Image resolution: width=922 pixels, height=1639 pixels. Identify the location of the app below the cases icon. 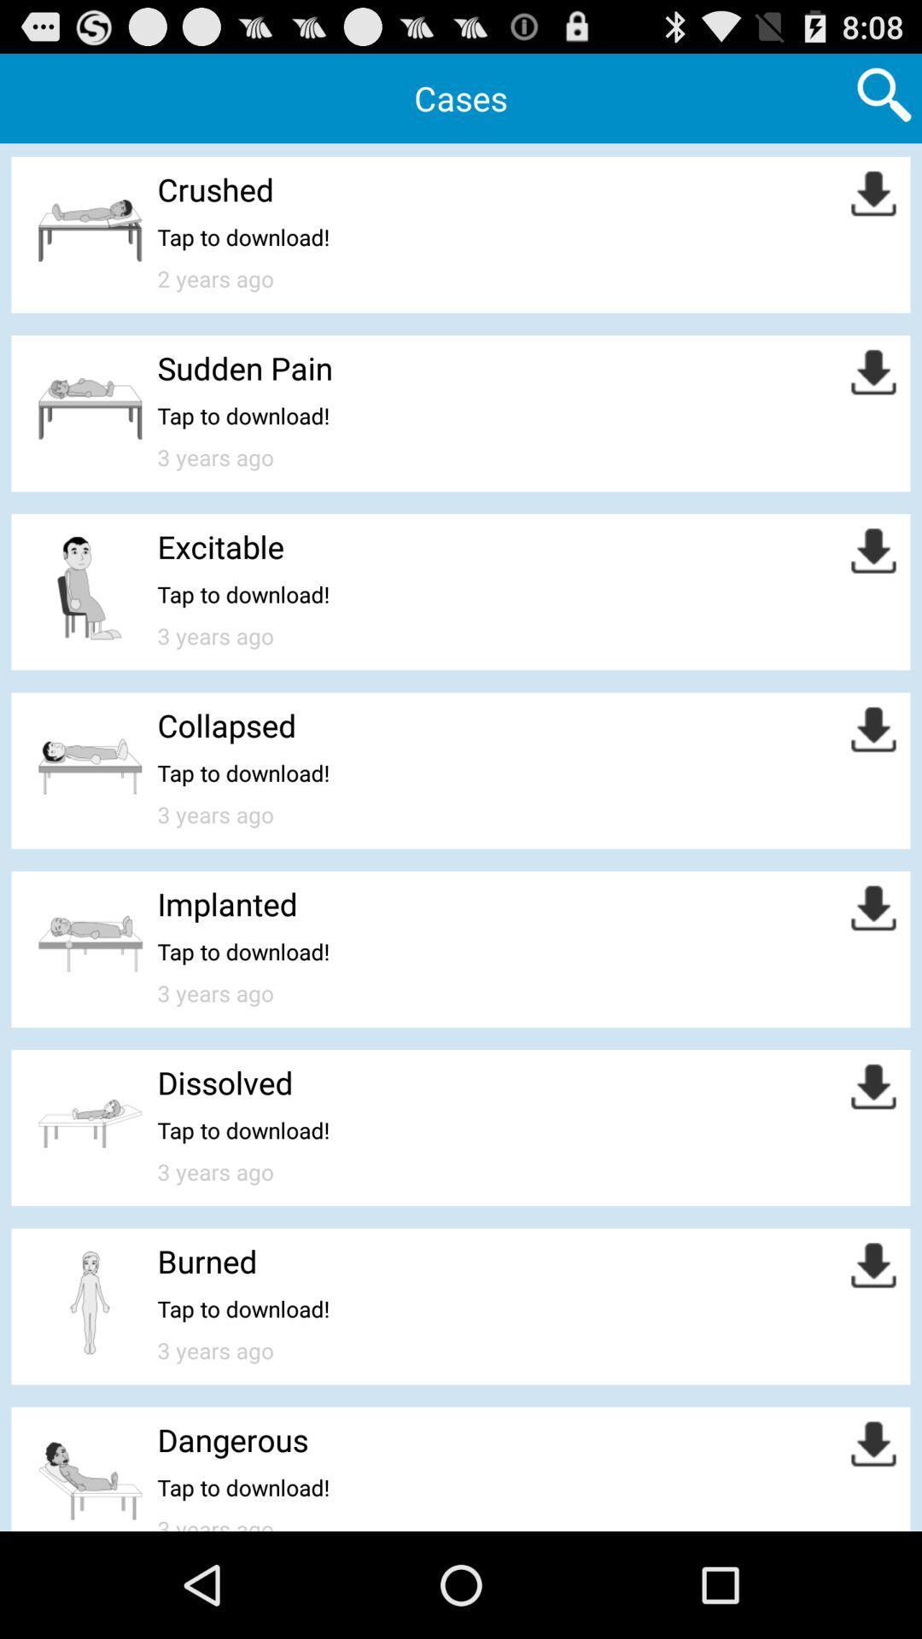
(214, 189).